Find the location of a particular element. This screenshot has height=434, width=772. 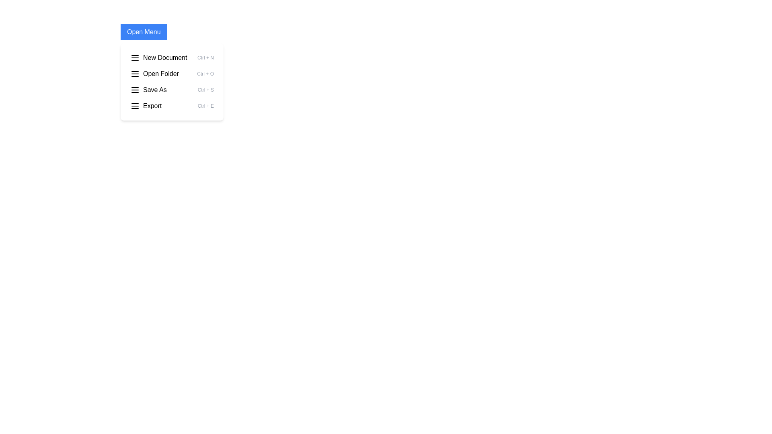

the 'Save As' button, which is the third item in a vertically stacked list within a dropdown menu, positioned below 'Open Folder' and above 'Export' is located at coordinates (171, 90).